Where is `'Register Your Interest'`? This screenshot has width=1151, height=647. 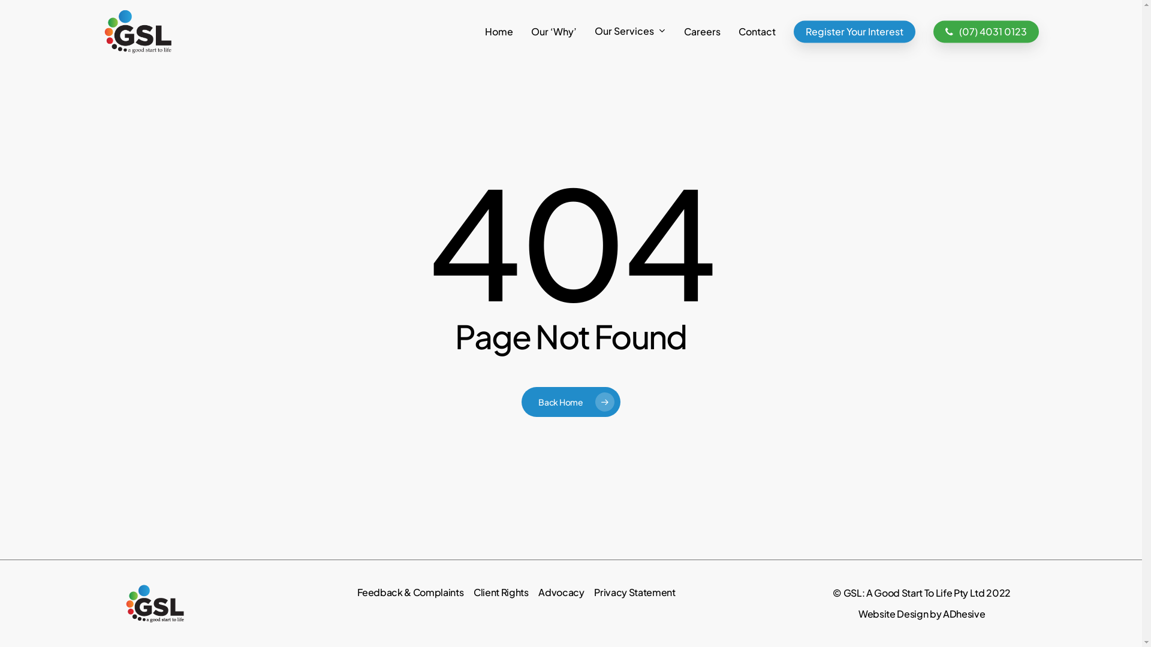 'Register Your Interest' is located at coordinates (794, 30).